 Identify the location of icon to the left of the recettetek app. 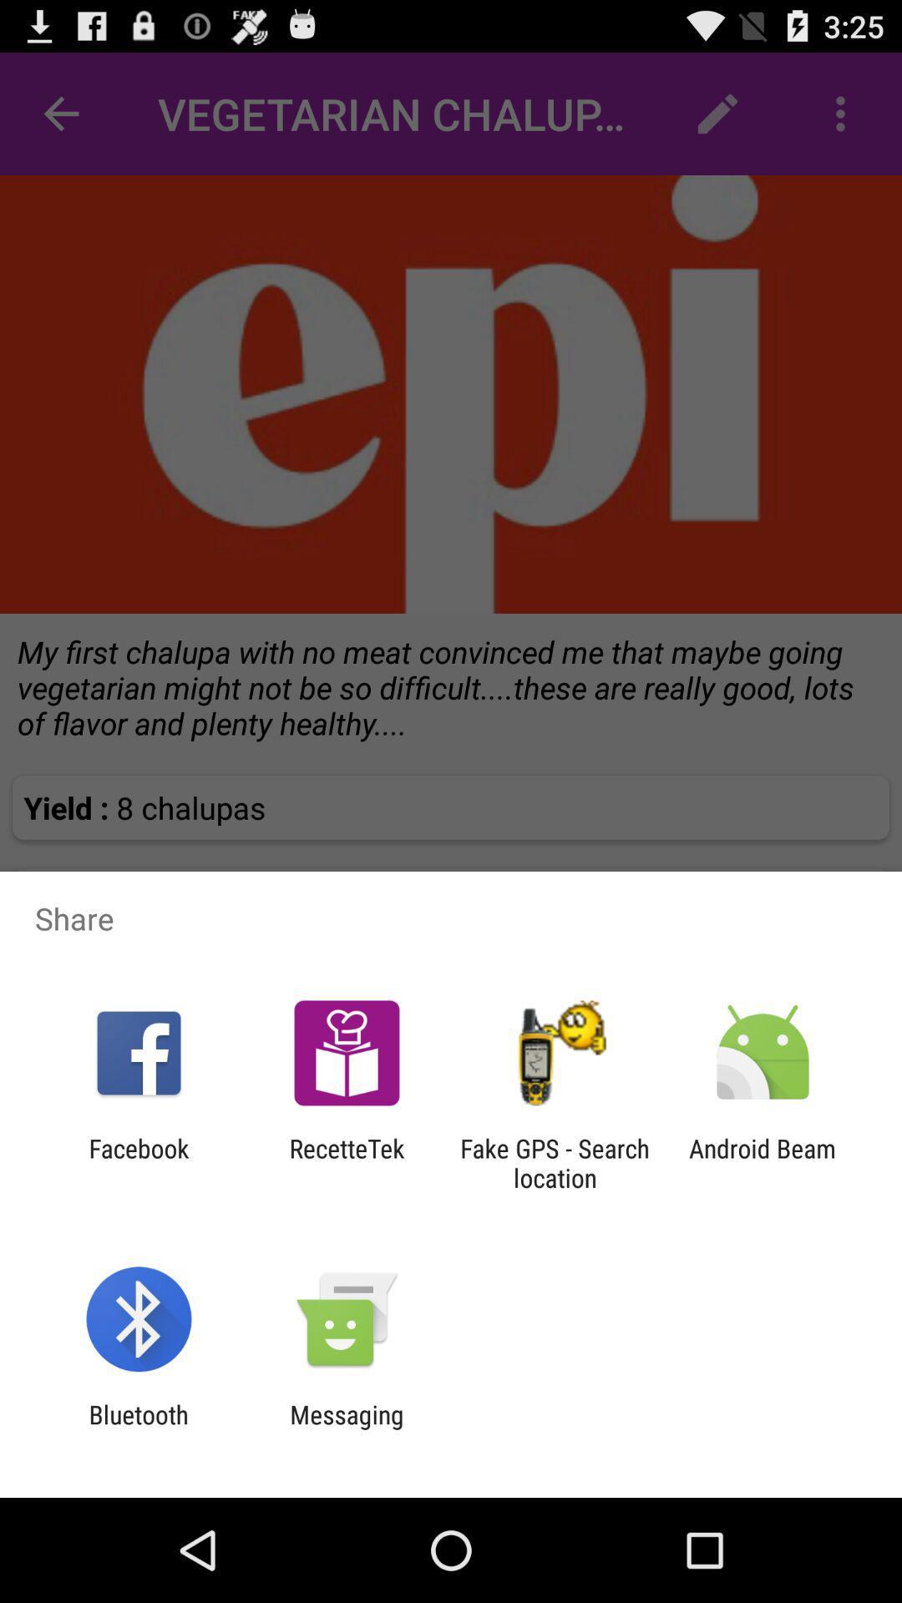
(138, 1162).